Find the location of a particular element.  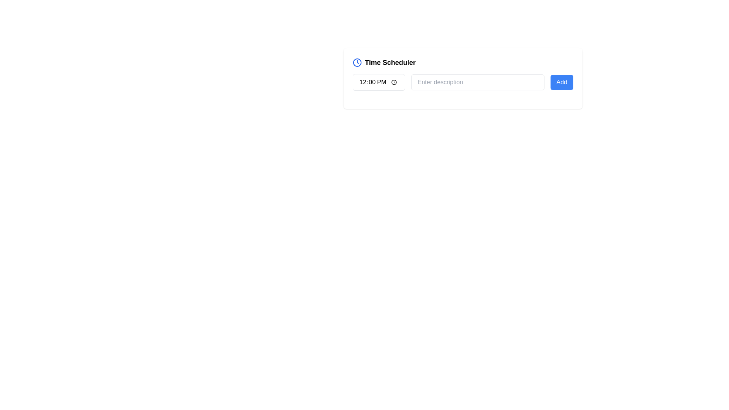

the placeholder text 'Enter description' in the text input field with rounded corners and a light gray border, positioned between a time input field and a blue 'Add' button is located at coordinates (477, 82).